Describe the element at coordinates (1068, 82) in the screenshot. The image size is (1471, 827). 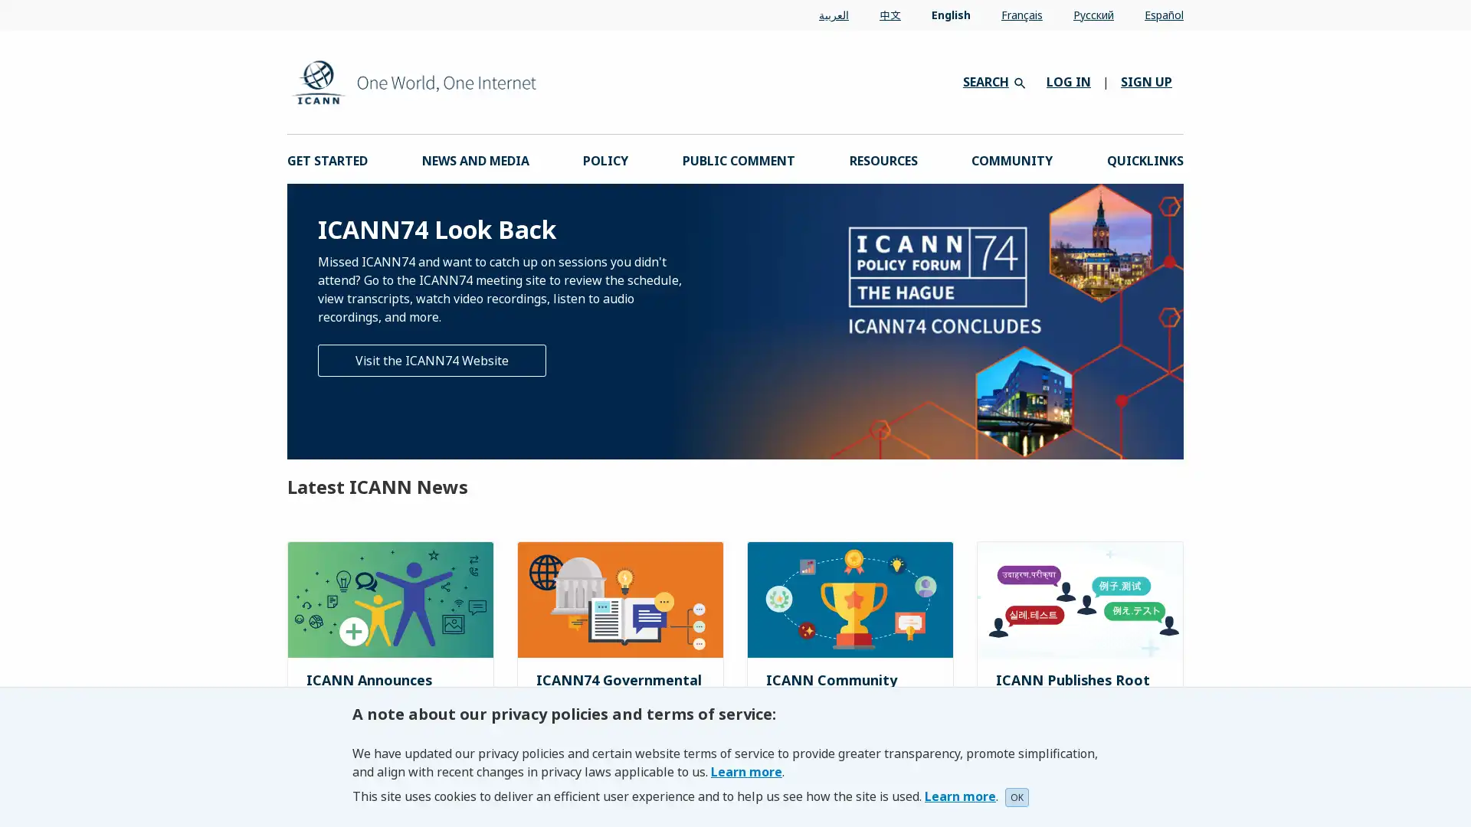
I see `LOG IN` at that location.